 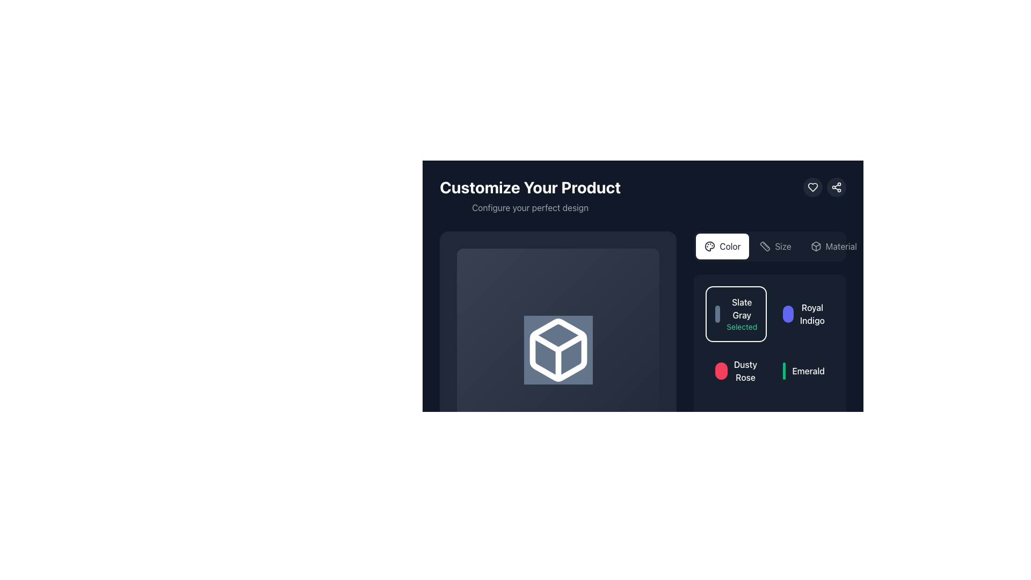 What do you see at coordinates (558, 343) in the screenshot?
I see `the triangular pattern within the cube-like icon, which is centrally located in the primary section of the interface` at bounding box center [558, 343].